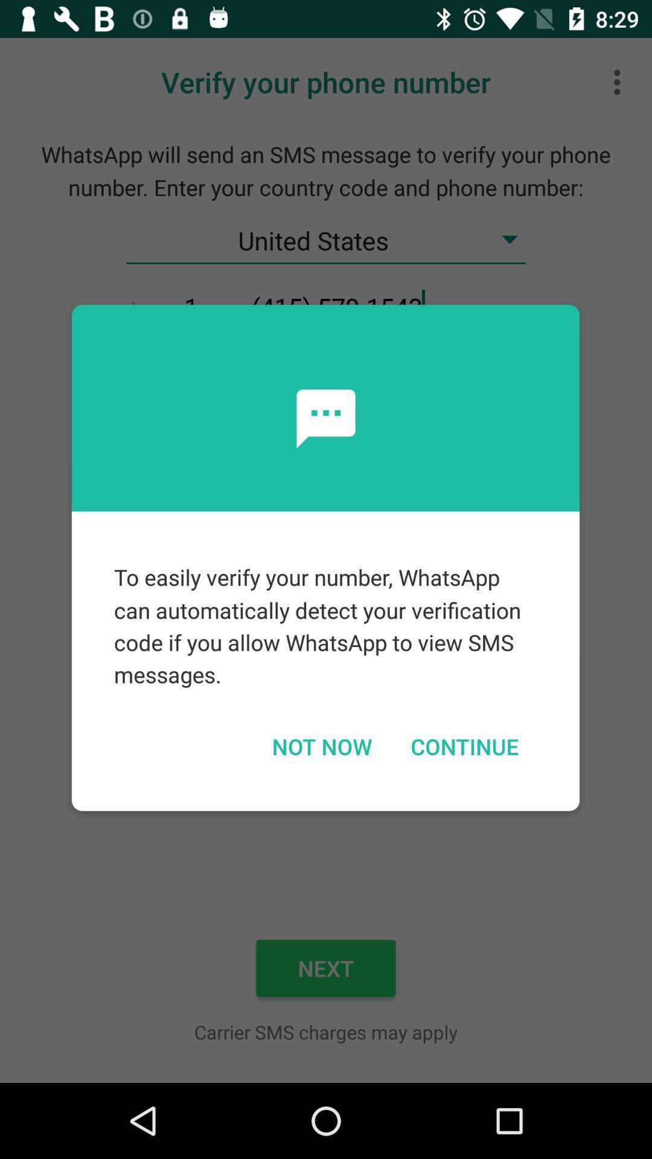  Describe the element at coordinates (464, 746) in the screenshot. I see `continue icon` at that location.